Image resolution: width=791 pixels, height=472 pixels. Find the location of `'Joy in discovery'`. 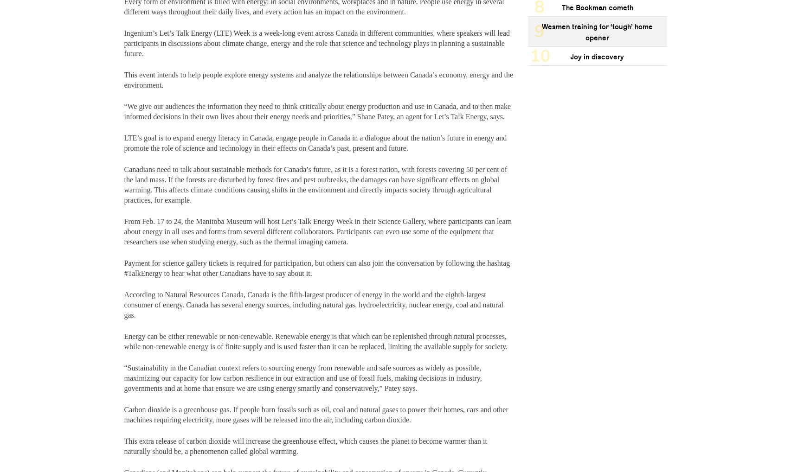

'Joy in discovery' is located at coordinates (597, 56).